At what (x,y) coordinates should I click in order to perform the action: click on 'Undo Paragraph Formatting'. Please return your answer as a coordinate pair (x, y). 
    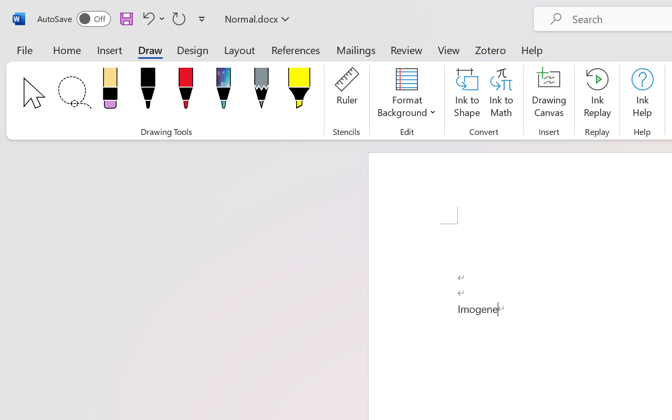
    Looking at the image, I should click on (152, 18).